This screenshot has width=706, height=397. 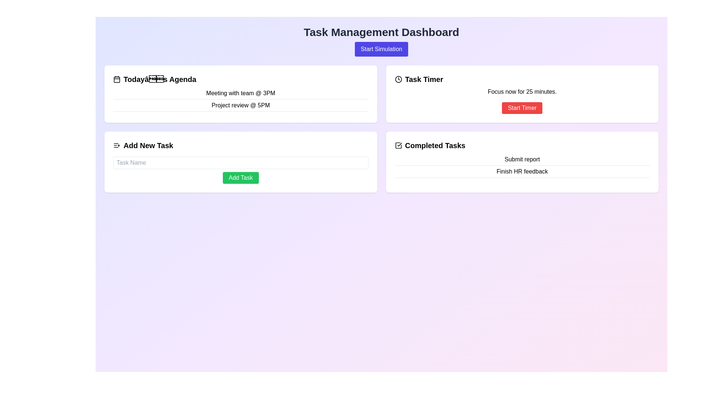 What do you see at coordinates (522, 92) in the screenshot?
I see `the informational text label in the 'Task Timer' section, located below the 'Task Timer' heading and clock icon, and above the red 'Start Timer' button` at bounding box center [522, 92].